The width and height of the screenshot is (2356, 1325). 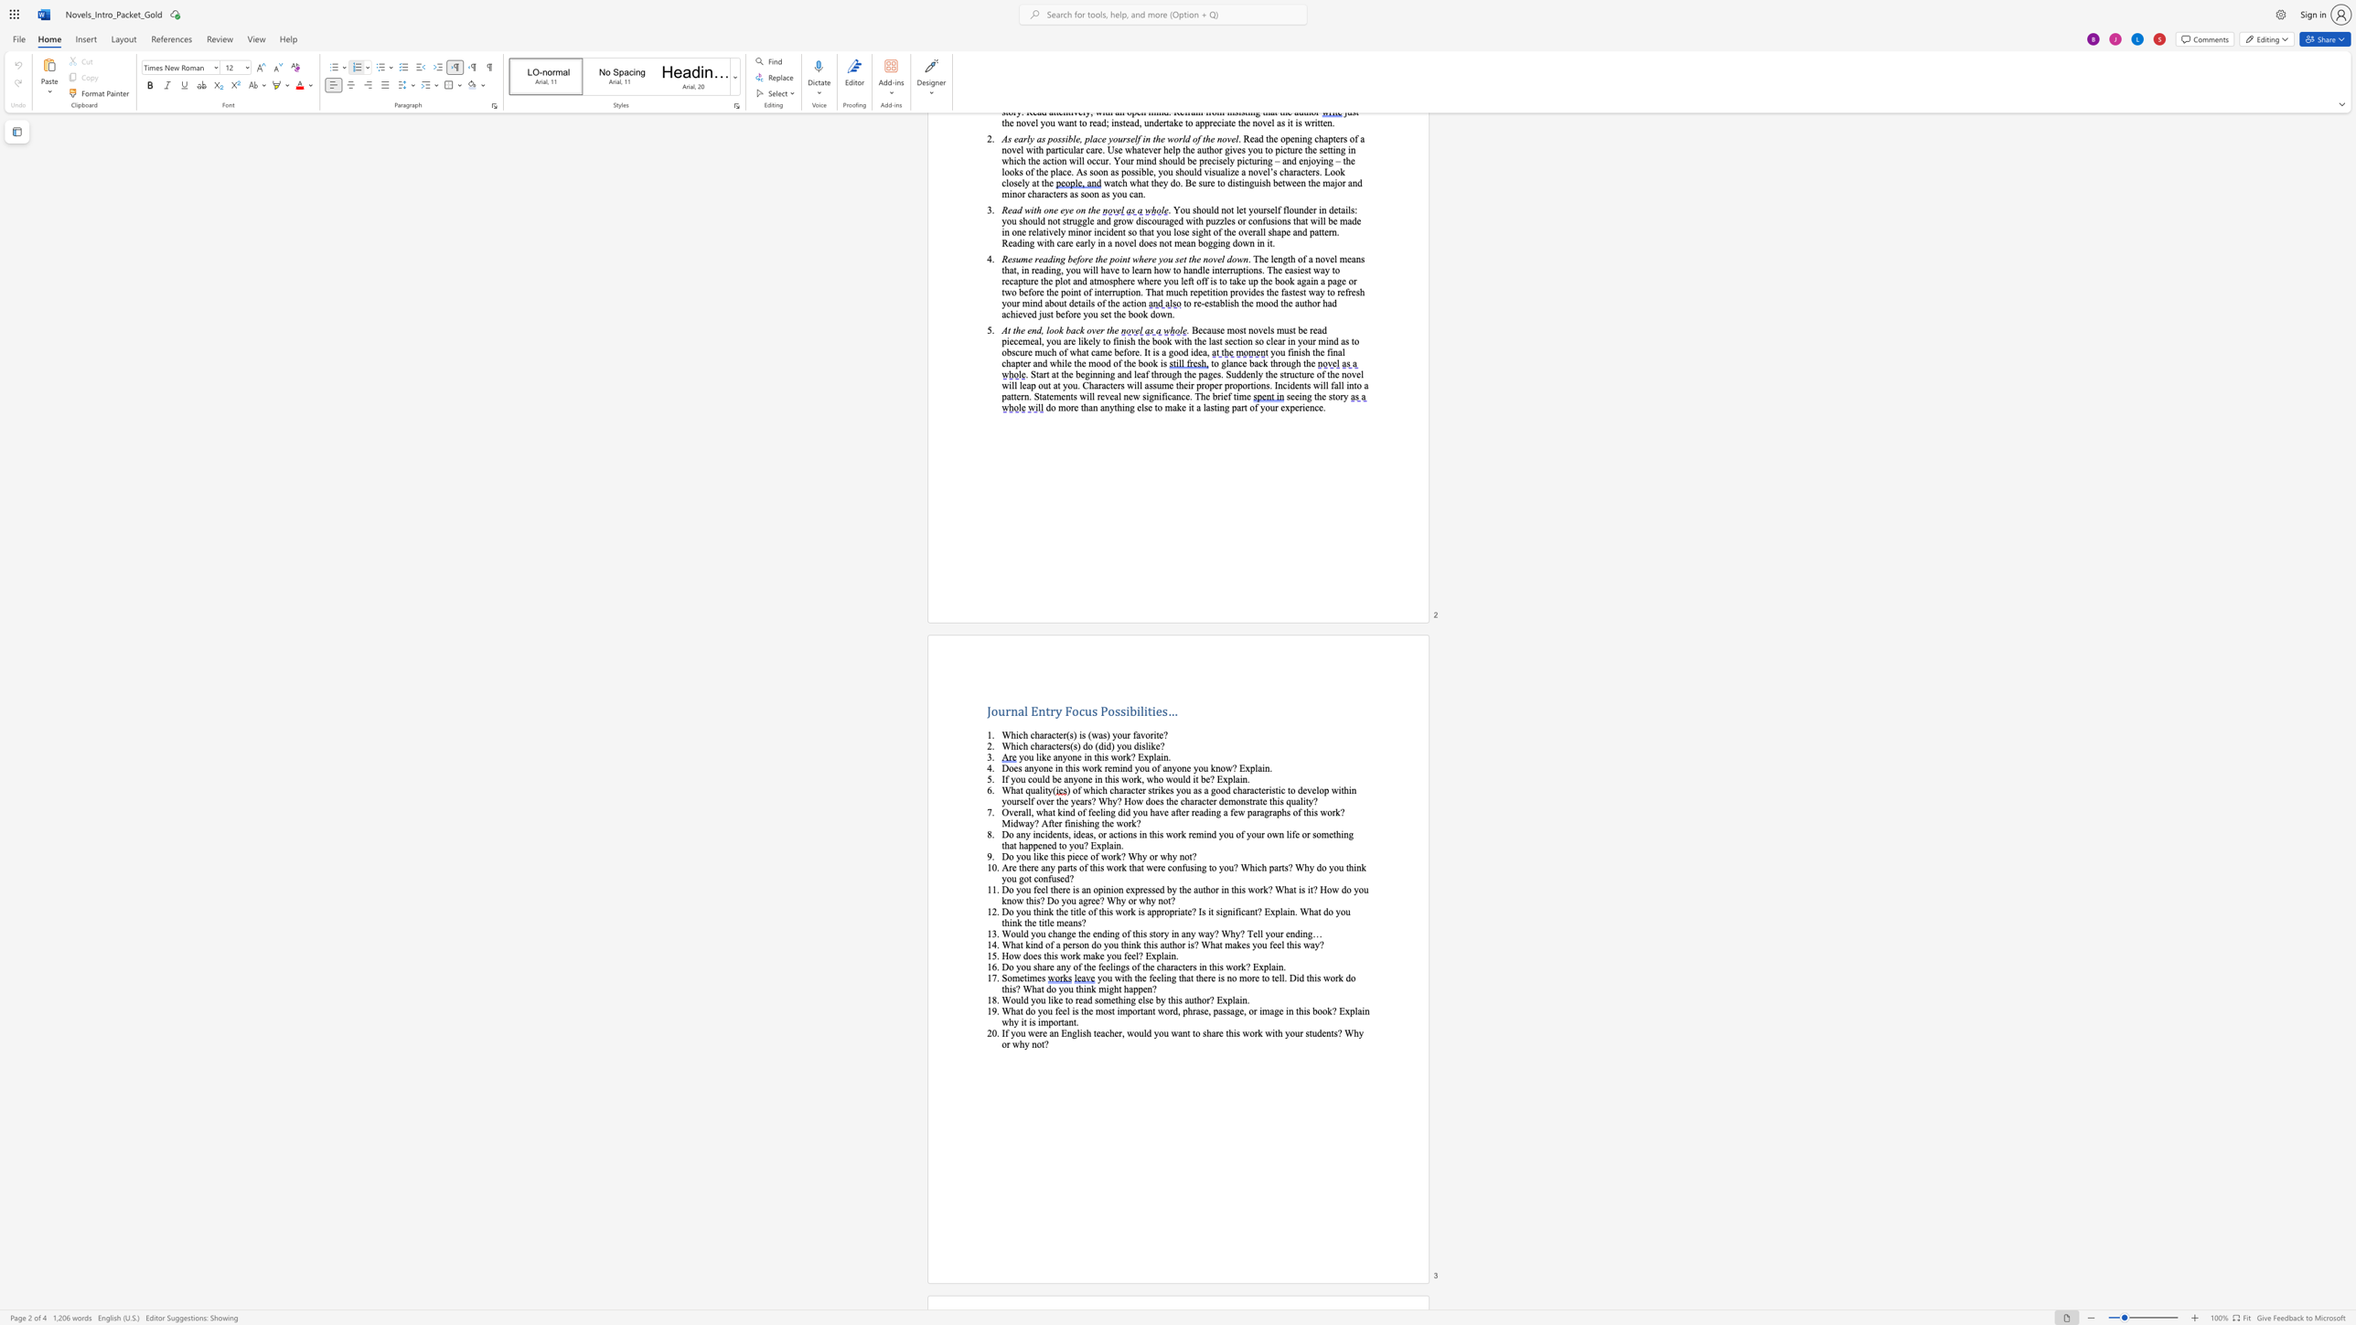 I want to click on the 1th character "m" in the text, so click(x=1016, y=978).